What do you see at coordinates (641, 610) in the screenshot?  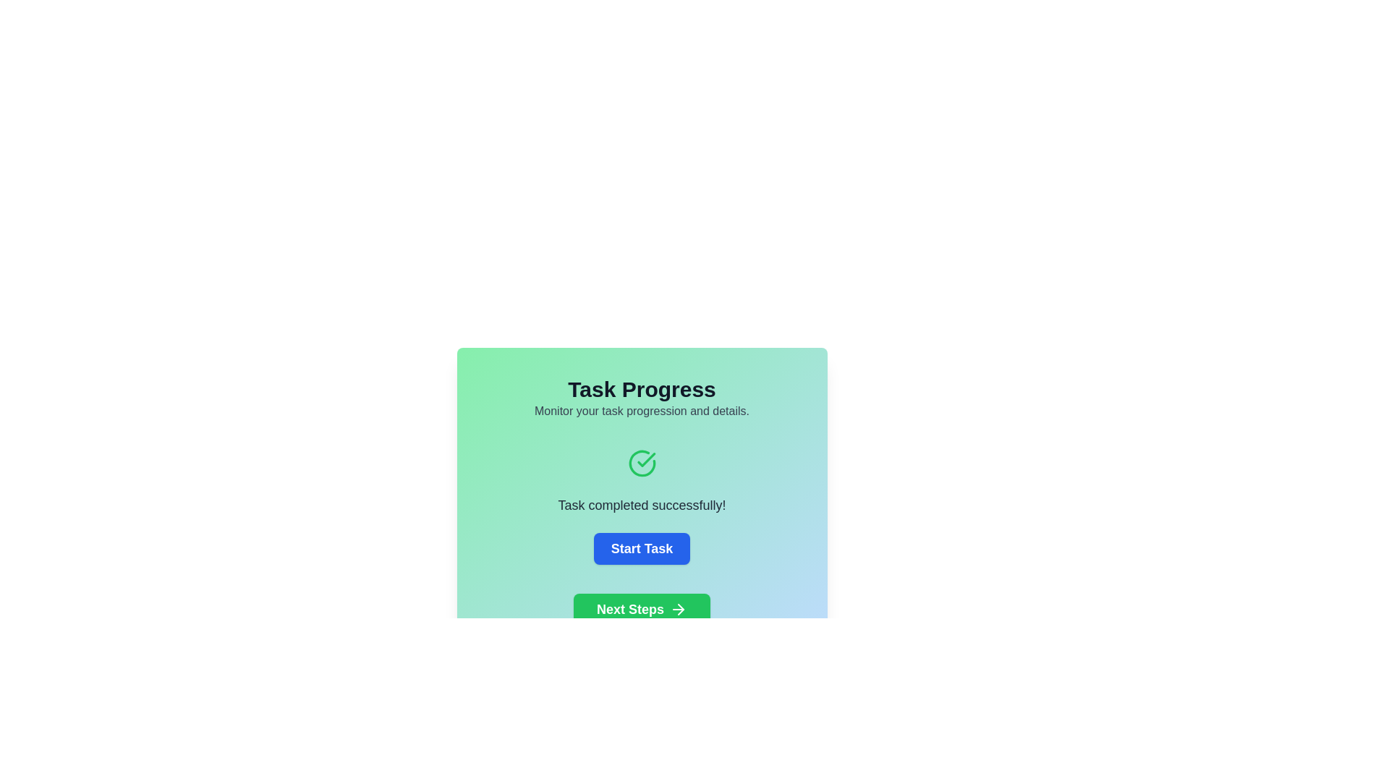 I see `the rectangular green button labeled 'Next Steps' with a right-pointing arrow icon` at bounding box center [641, 610].